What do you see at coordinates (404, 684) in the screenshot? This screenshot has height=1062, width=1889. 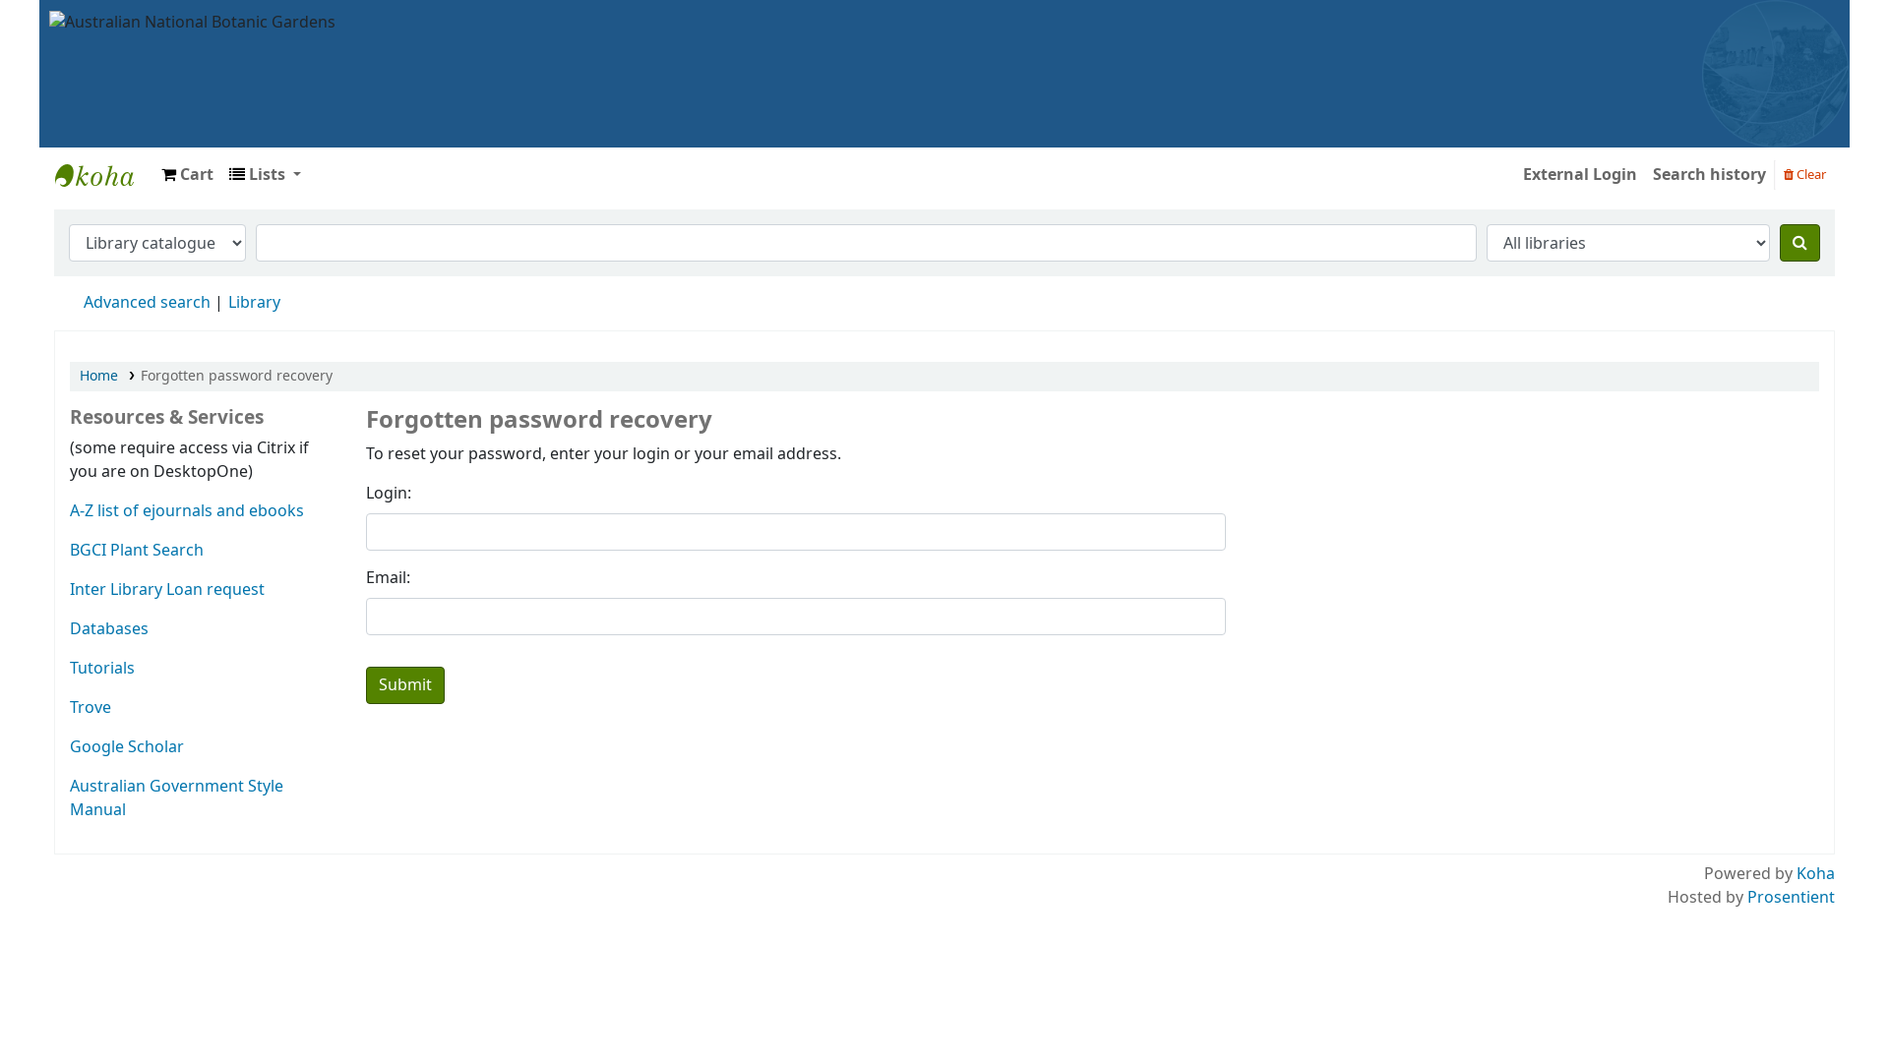 I see `'Submit'` at bounding box center [404, 684].